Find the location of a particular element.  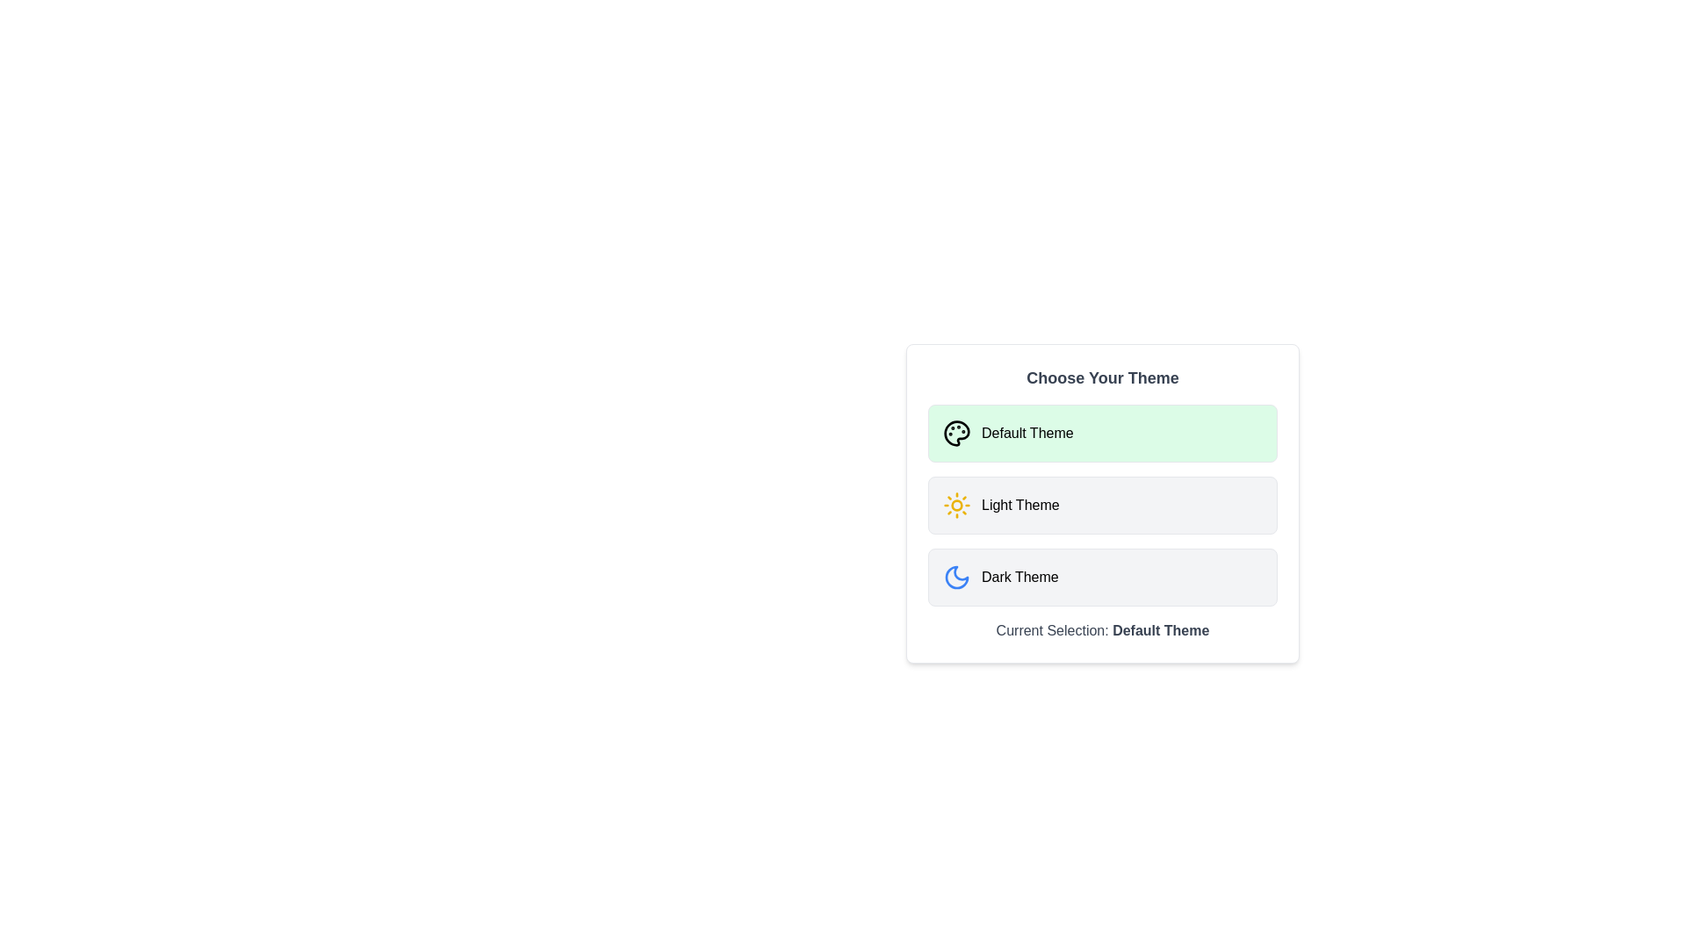

the button corresponding to the theme Default Theme to observe its hover and focus effects is located at coordinates (1102, 433).